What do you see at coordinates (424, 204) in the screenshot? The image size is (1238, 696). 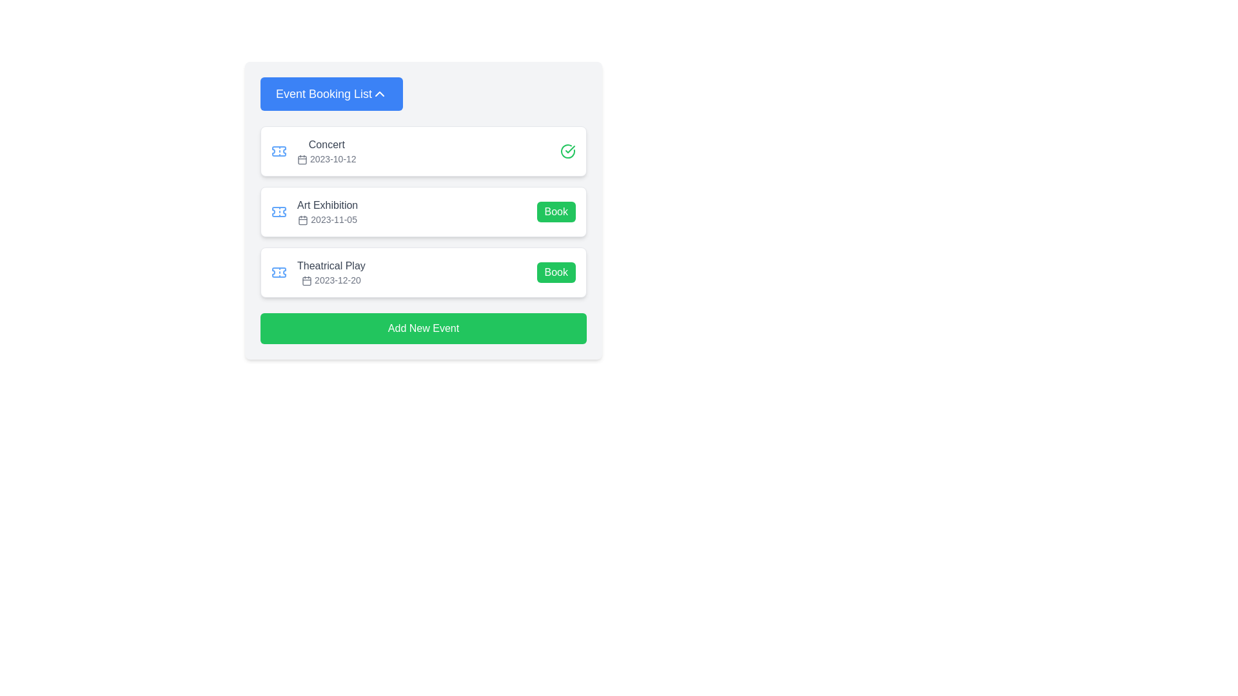 I see `the details of the 'Art Exhibition' event card by centering on its text and button located within the event booking list` at bounding box center [424, 204].